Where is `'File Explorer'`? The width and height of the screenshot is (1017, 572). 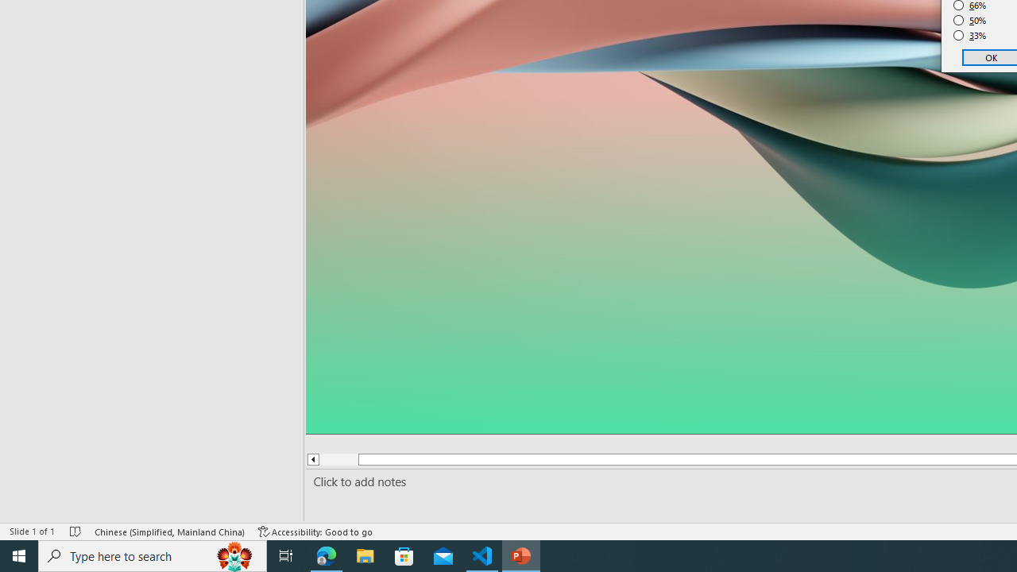 'File Explorer' is located at coordinates (365, 555).